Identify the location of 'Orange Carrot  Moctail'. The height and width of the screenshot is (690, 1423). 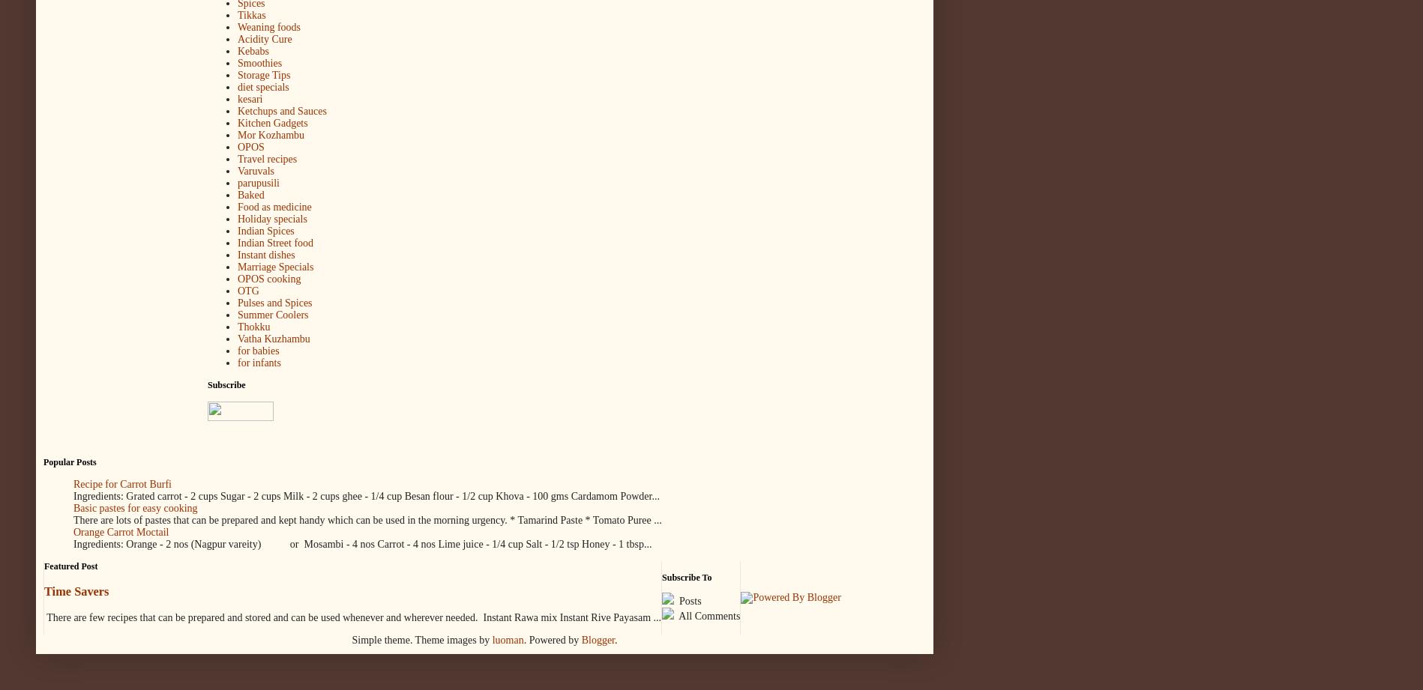
(120, 532).